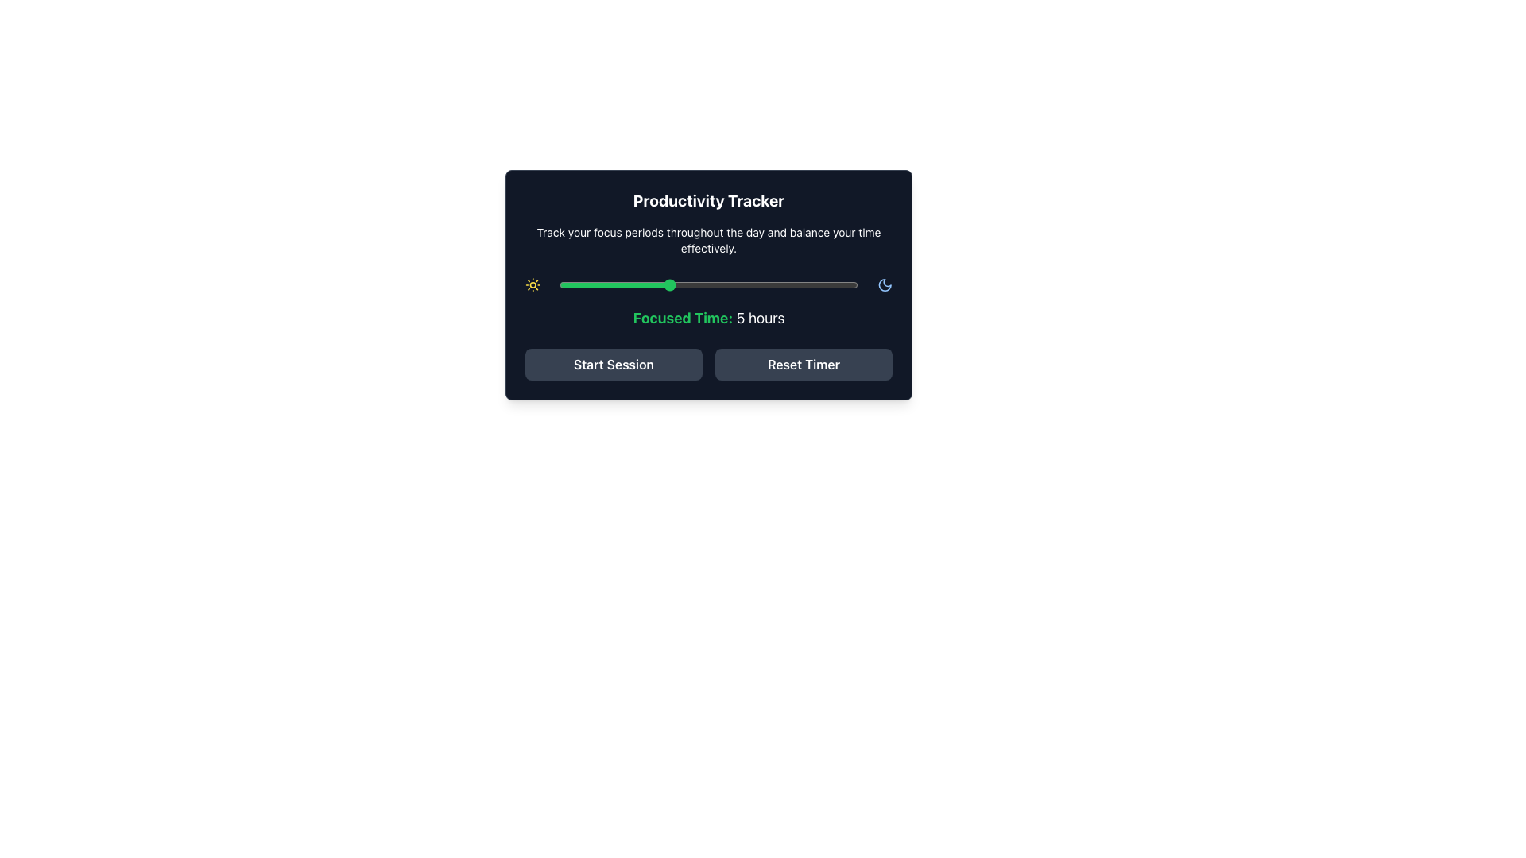 The image size is (1526, 858). Describe the element at coordinates (613, 365) in the screenshot. I see `the 'Start Session' button, which is a rectangular button with rounded corners, dark gray background, and white bold text, to initiate the session` at that location.